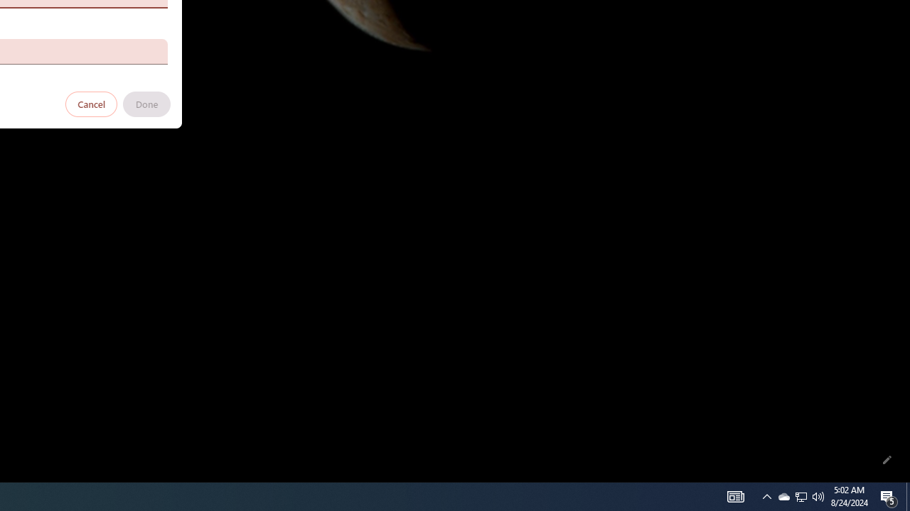 Image resolution: width=910 pixels, height=511 pixels. Describe the element at coordinates (91, 103) in the screenshot. I see `'Cancel'` at that location.